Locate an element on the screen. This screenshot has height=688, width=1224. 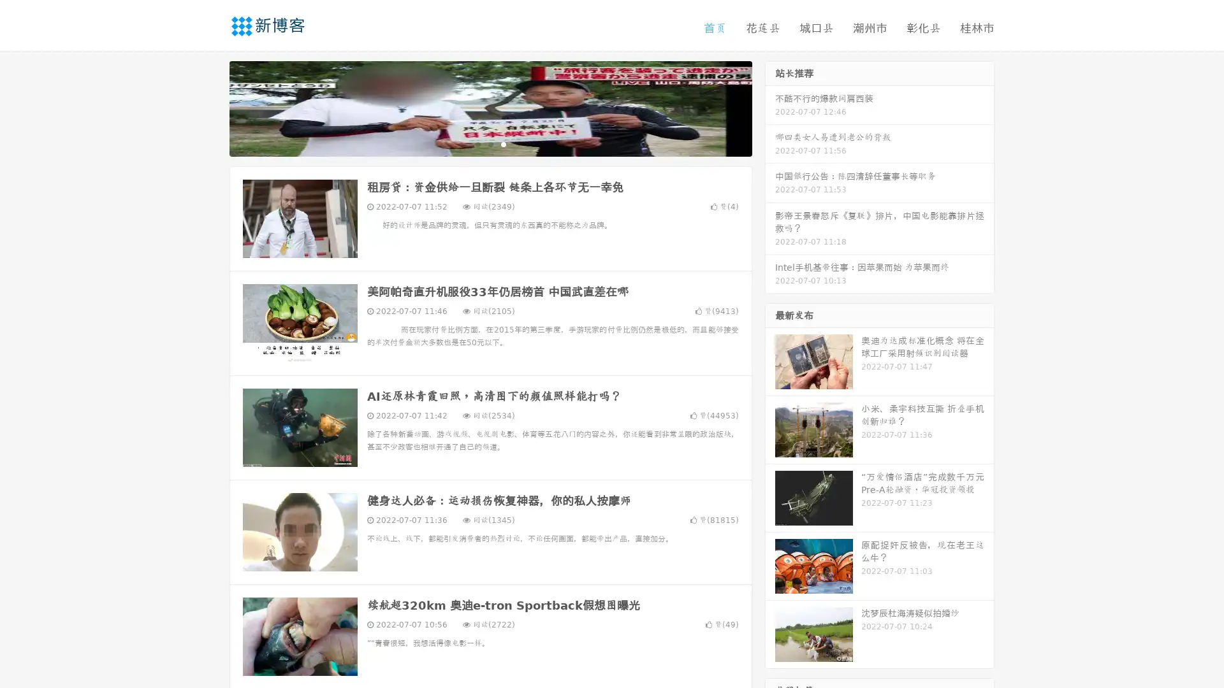
Next slide is located at coordinates (770, 107).